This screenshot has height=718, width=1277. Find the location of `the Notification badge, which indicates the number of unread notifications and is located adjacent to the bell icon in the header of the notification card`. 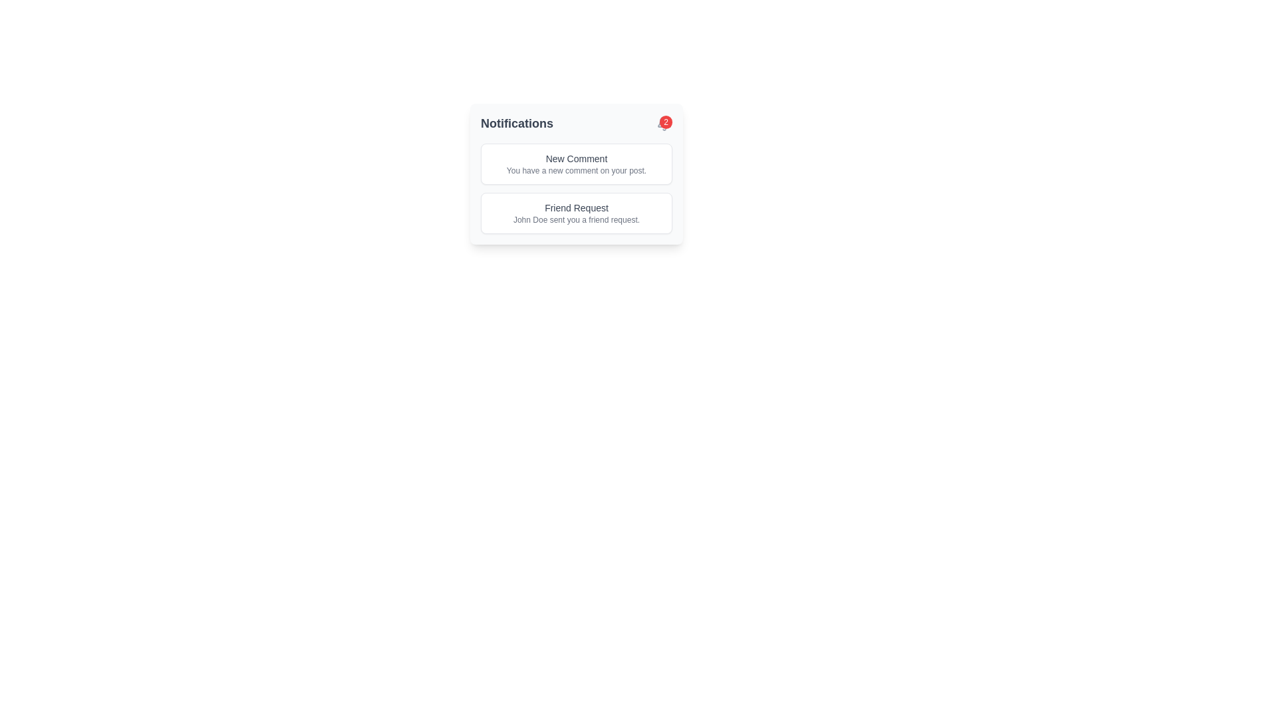

the Notification badge, which indicates the number of unread notifications and is located adjacent to the bell icon in the header of the notification card is located at coordinates (664, 123).